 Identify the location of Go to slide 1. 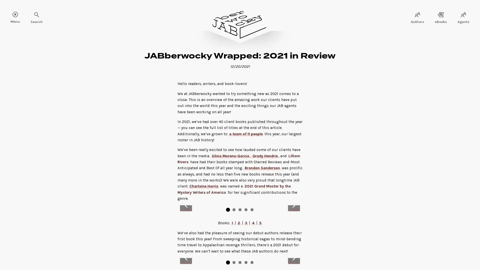
(228, 210).